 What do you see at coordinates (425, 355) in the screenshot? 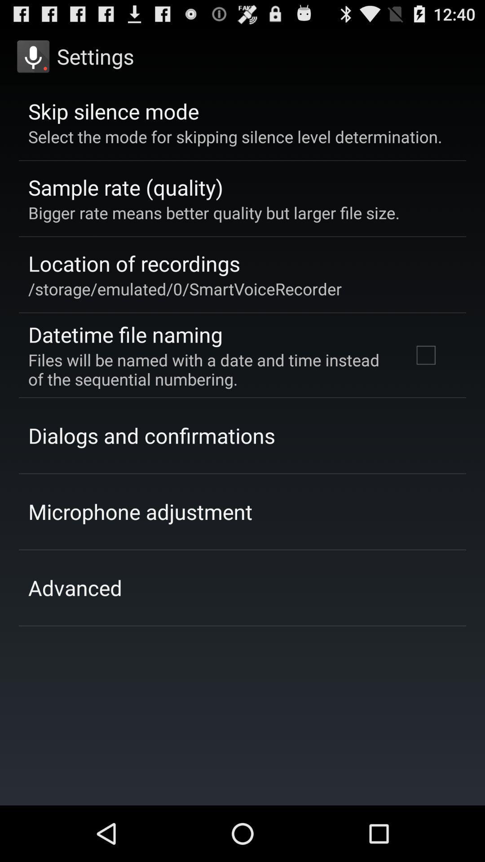
I see `item below the select the mode` at bounding box center [425, 355].